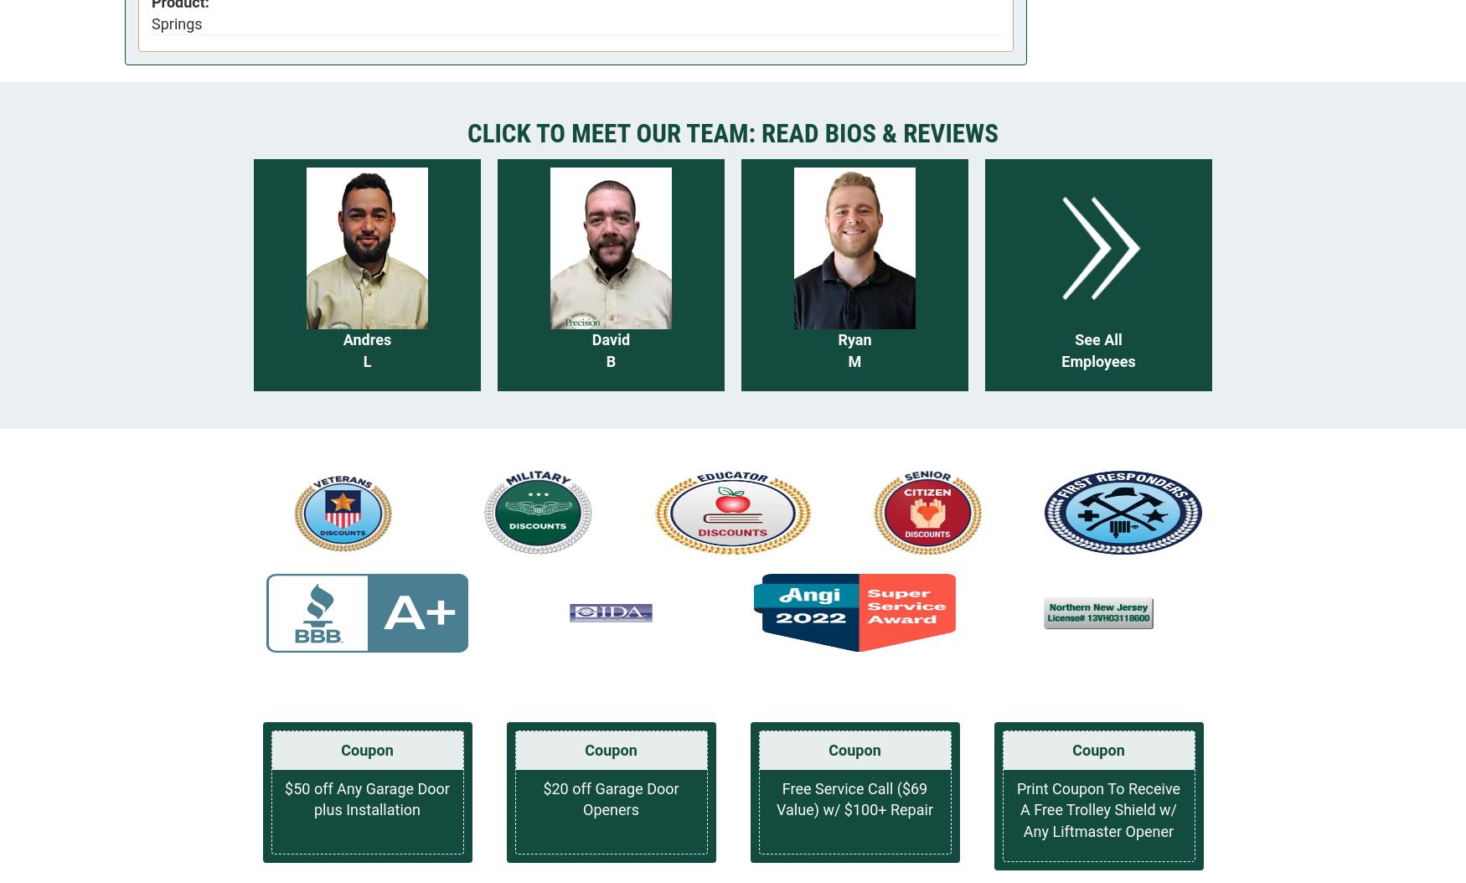  I want to click on 'CLICK TO MEET OUR TEAM: READ BIOS & REVIEWS', so click(732, 132).